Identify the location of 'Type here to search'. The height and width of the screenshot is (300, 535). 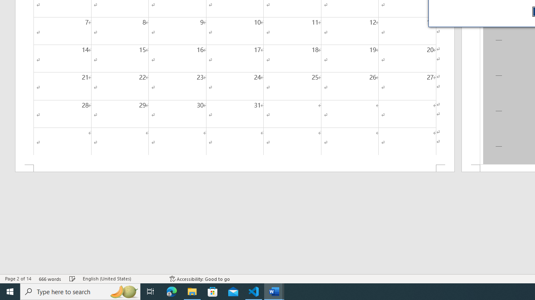
(80, 291).